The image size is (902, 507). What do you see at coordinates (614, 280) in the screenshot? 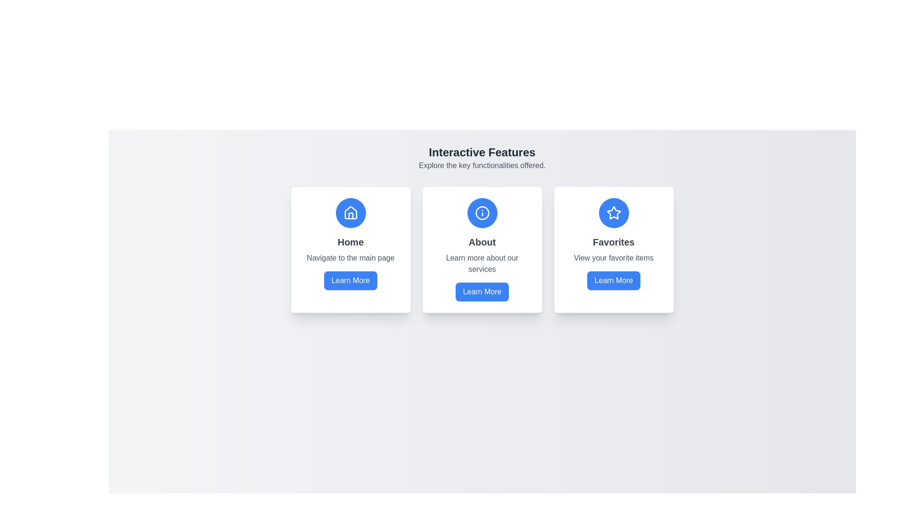
I see `the 'Favorites' button located at the bottom half of the rightmost card under 'Interactive Features' to enable accessibility interaction` at bounding box center [614, 280].